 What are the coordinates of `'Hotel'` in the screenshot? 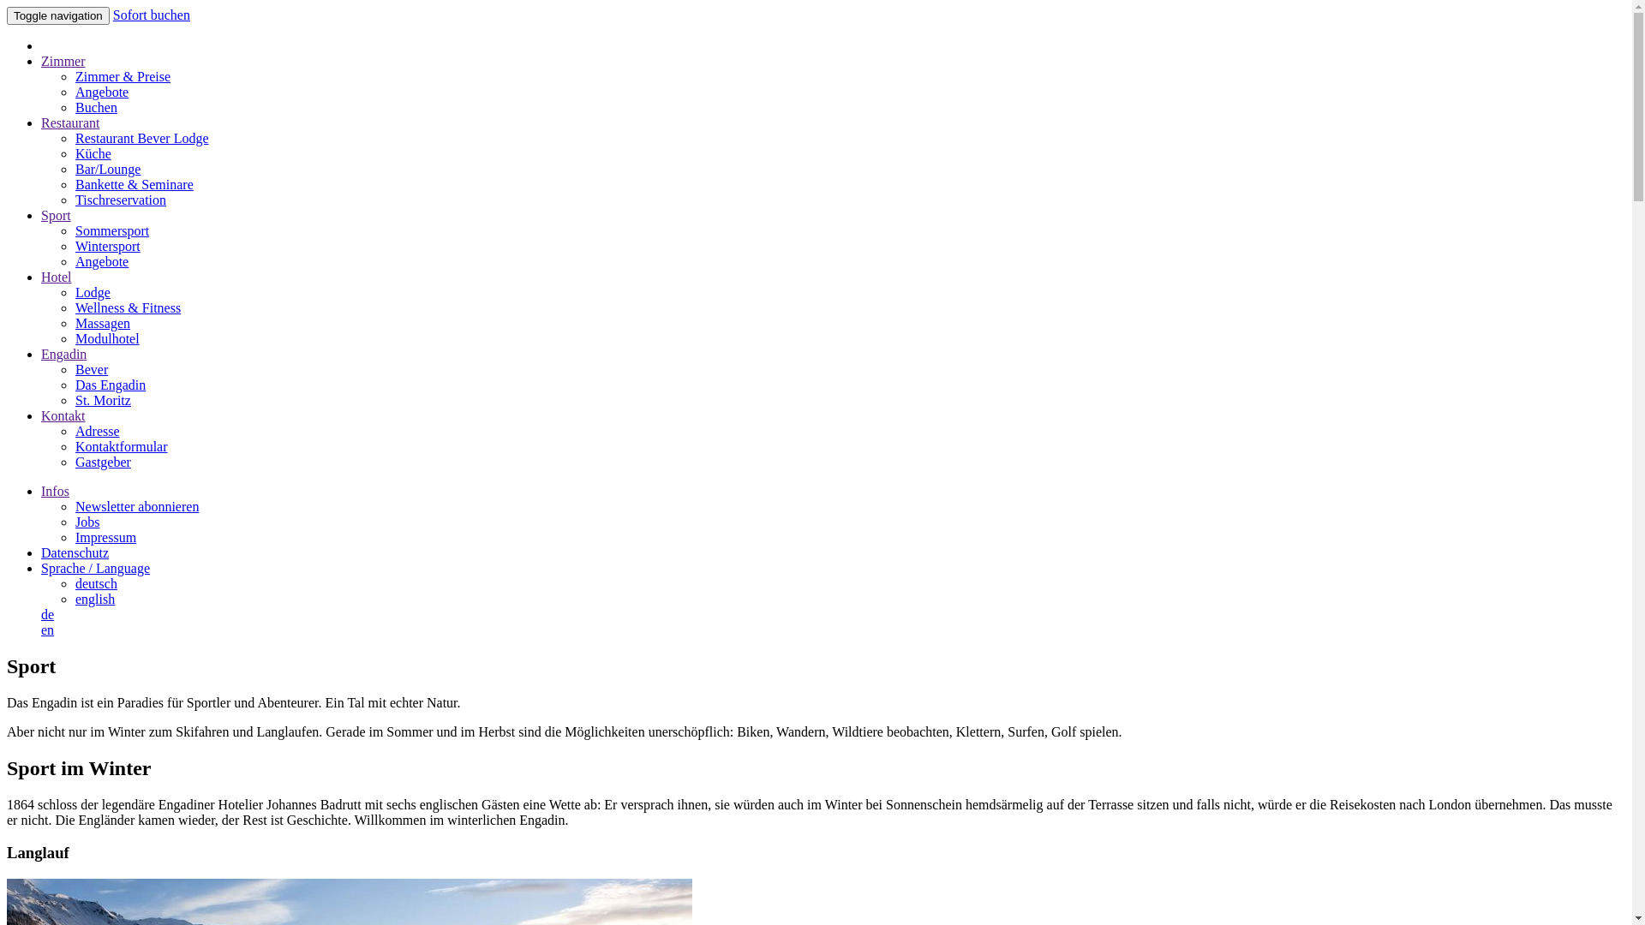 It's located at (57, 276).